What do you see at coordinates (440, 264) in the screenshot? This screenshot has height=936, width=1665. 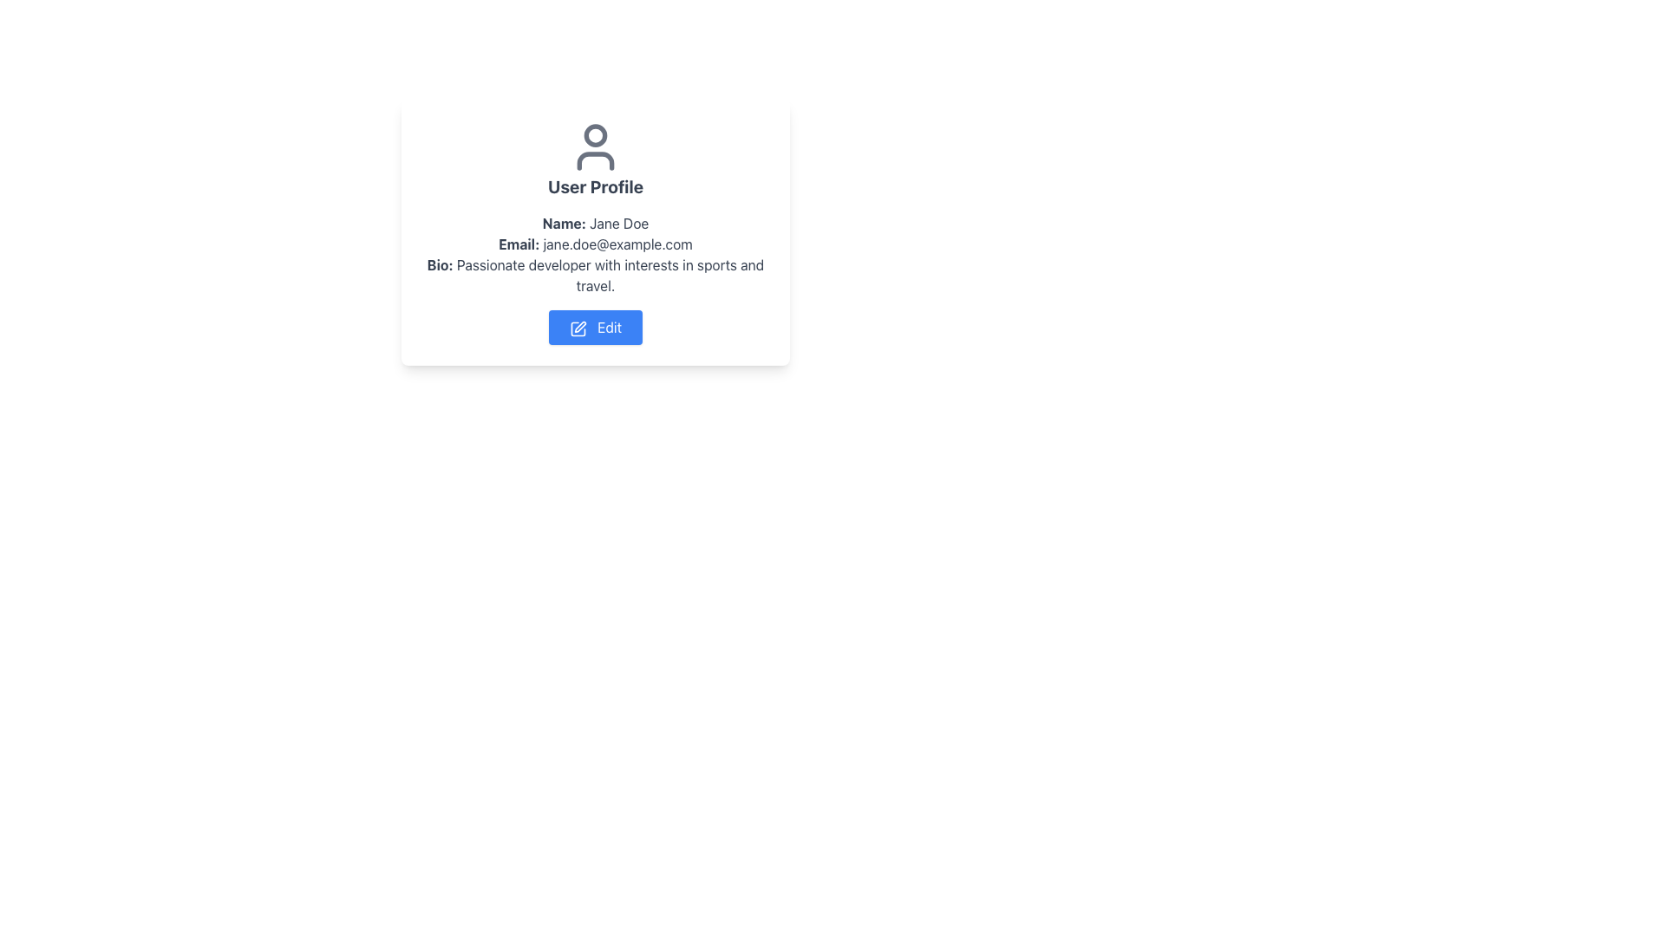 I see `the bold text label displaying 'Bio:' which serves as the introductory label in the user profile information section` at bounding box center [440, 264].